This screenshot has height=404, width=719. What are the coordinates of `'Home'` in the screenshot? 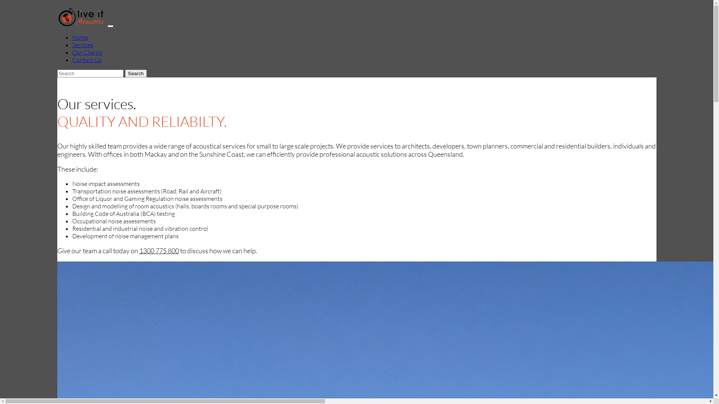 It's located at (79, 37).